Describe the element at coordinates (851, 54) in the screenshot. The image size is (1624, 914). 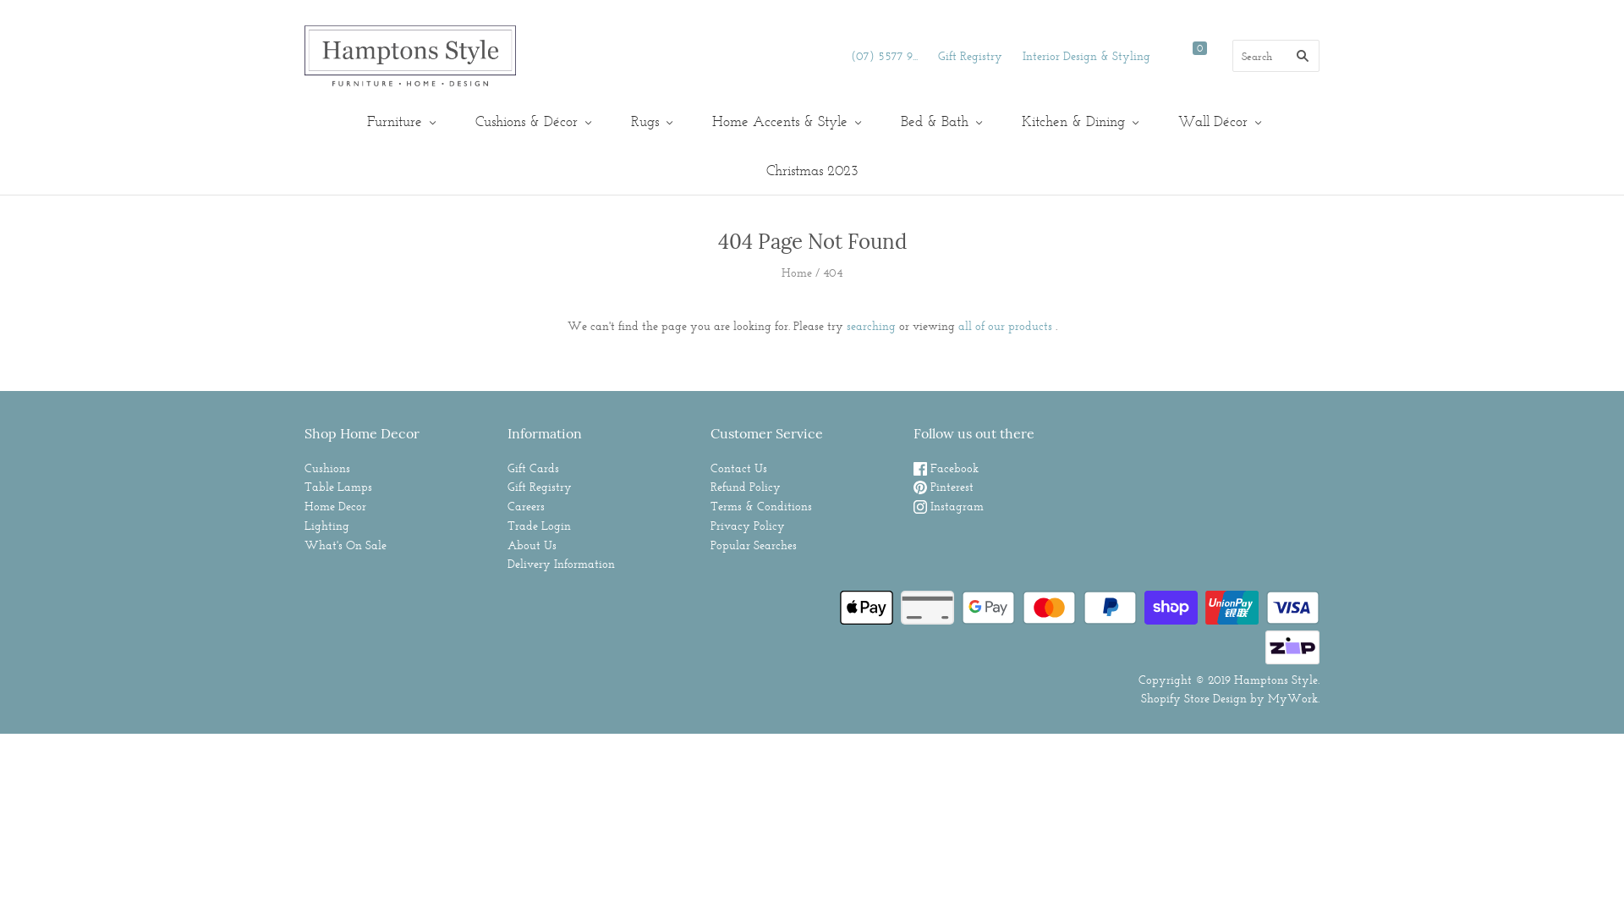
I see `'(07) 5577 9...'` at that location.